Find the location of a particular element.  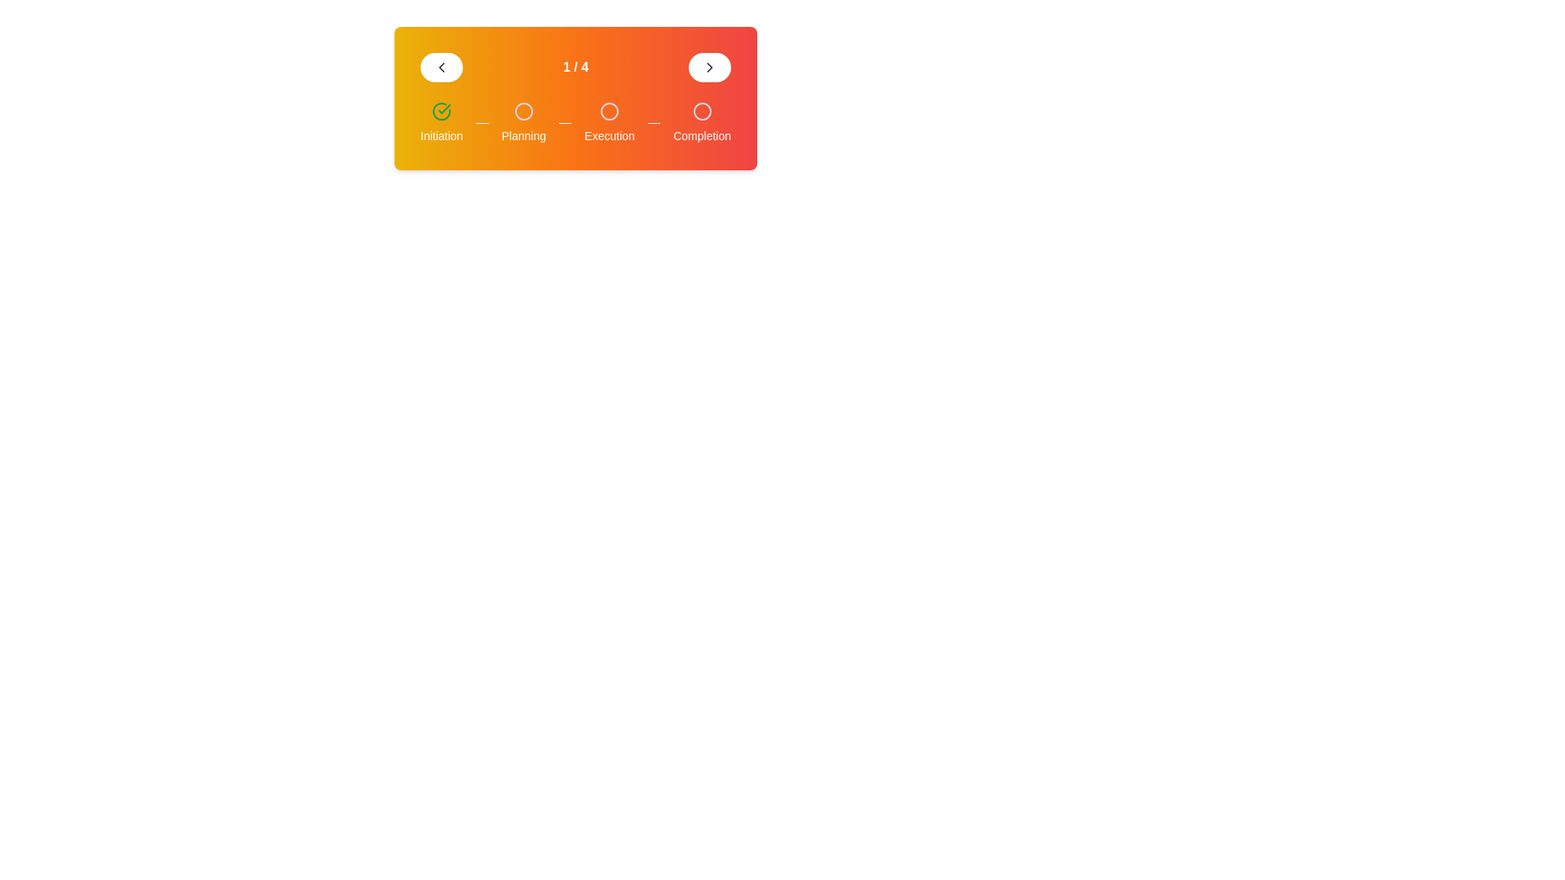

the small chevron-right icon located within the rounded button at the top-right corner of the horizontal gradient-colored navigation bar is located at coordinates (709, 67).